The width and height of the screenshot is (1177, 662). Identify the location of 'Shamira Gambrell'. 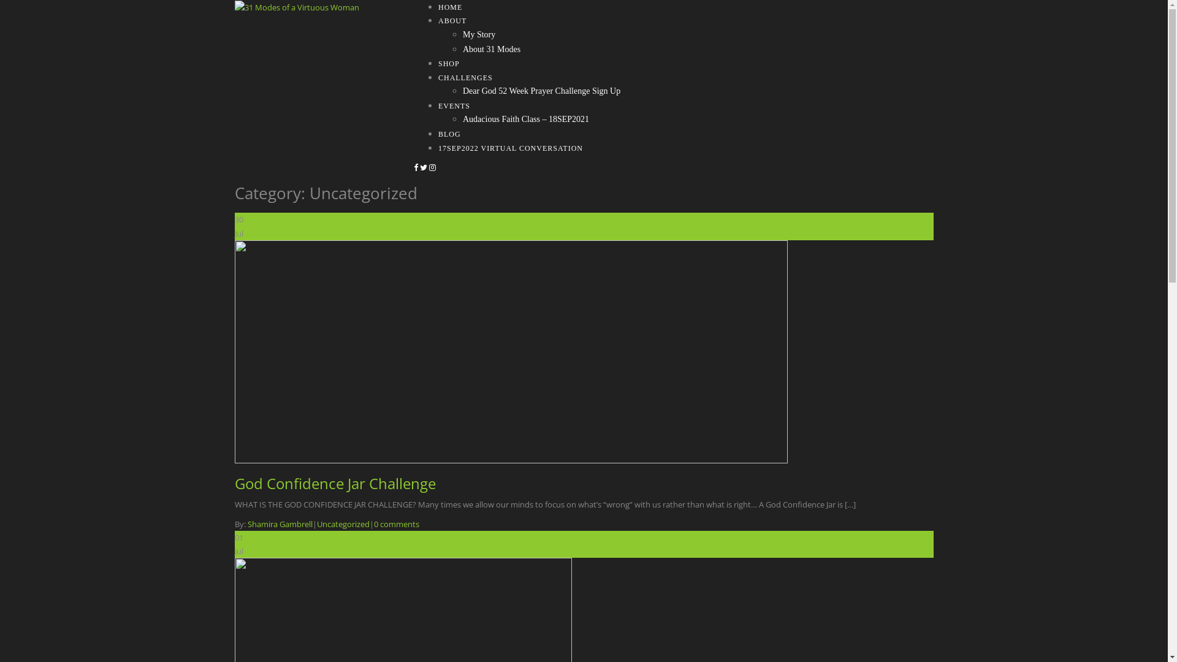
(279, 524).